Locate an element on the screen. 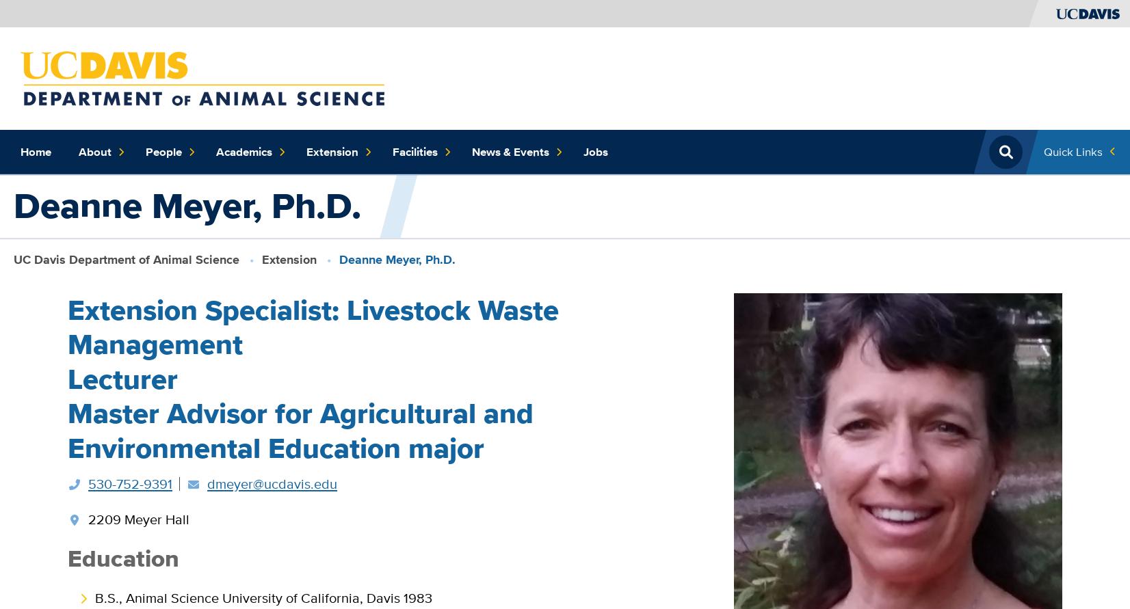 The height and width of the screenshot is (609, 1130). 'dmeyer@ucdavis.edu' is located at coordinates (272, 483).